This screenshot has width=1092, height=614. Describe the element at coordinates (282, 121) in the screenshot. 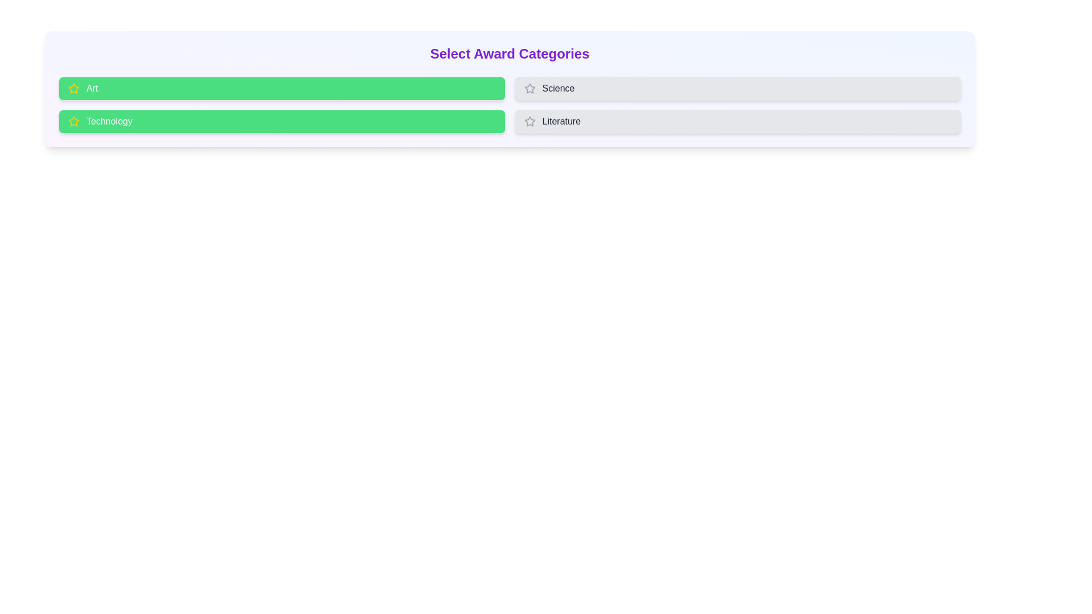

I see `the button for Technology to observe its hover effect` at that location.